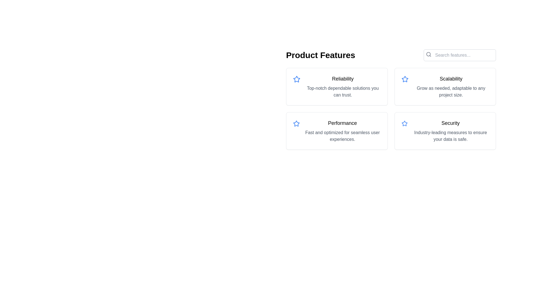 Image resolution: width=538 pixels, height=303 pixels. I want to click on the Text element that provides information about the product feature 'Reliability', located in the upper-left quadrant of the page layout, so click(342, 86).